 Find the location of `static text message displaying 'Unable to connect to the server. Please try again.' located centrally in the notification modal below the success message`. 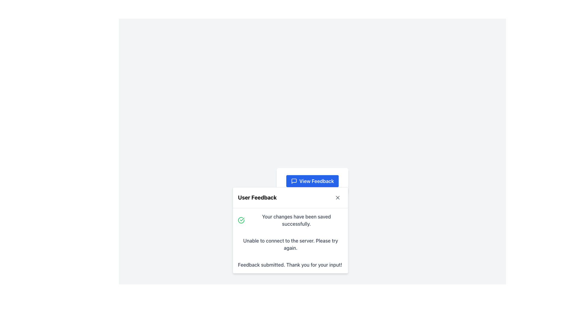

static text message displaying 'Unable to connect to the server. Please try again.' located centrally in the notification modal below the success message is located at coordinates (291, 244).